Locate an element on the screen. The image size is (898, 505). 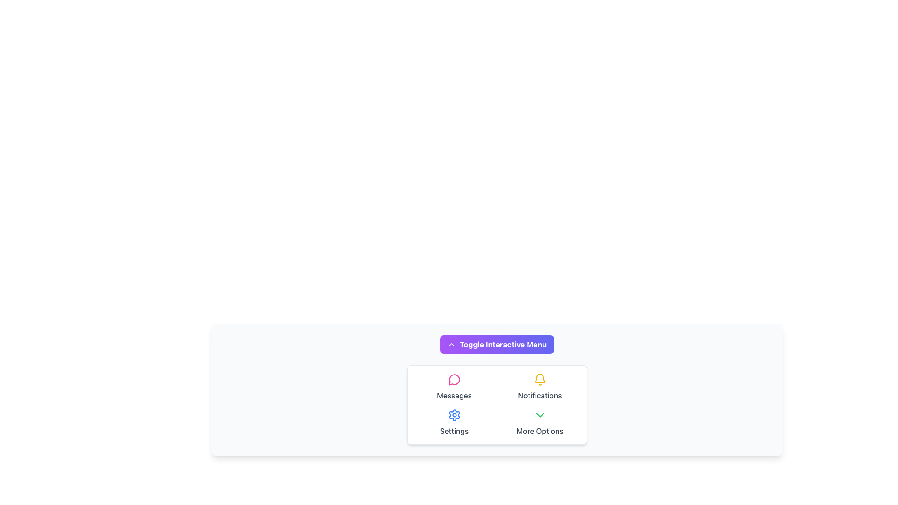
the 'Settings' SVG Icon in the lower-left corner of the menu interface is located at coordinates (454, 414).